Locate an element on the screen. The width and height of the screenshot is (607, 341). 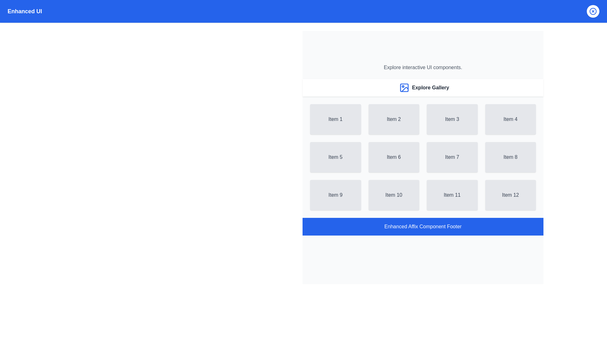
the static informational box displaying 'Item 11', which is located at the bottom-right corner of the third row in a 4x3 grid layout is located at coordinates (452, 194).